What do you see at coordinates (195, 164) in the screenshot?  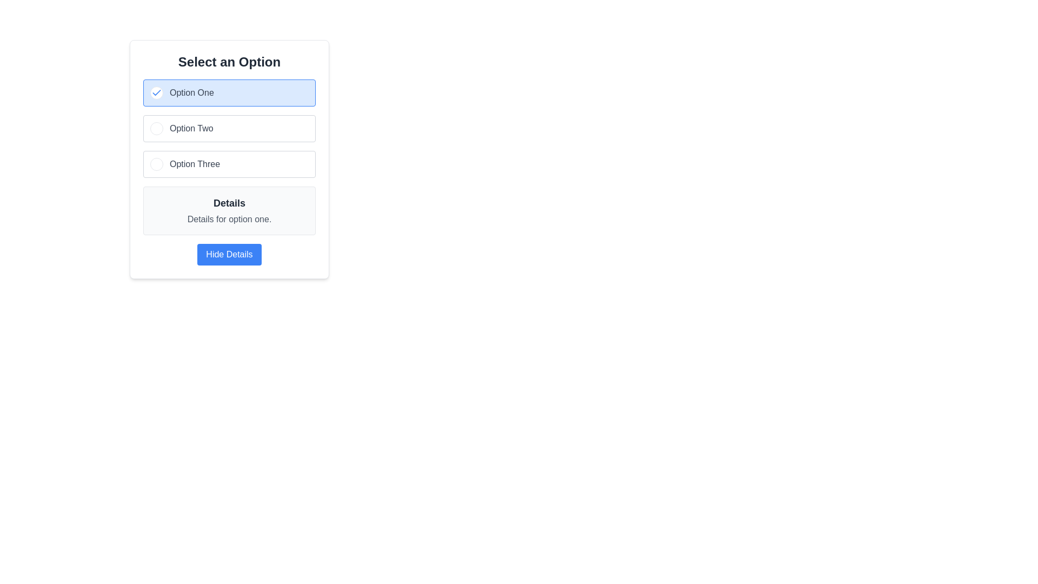 I see `the label that identifies the third selectable option in a vertical list, which is positioned to the right of a circular indicator and contained within an interactive, bordered, white background box` at bounding box center [195, 164].